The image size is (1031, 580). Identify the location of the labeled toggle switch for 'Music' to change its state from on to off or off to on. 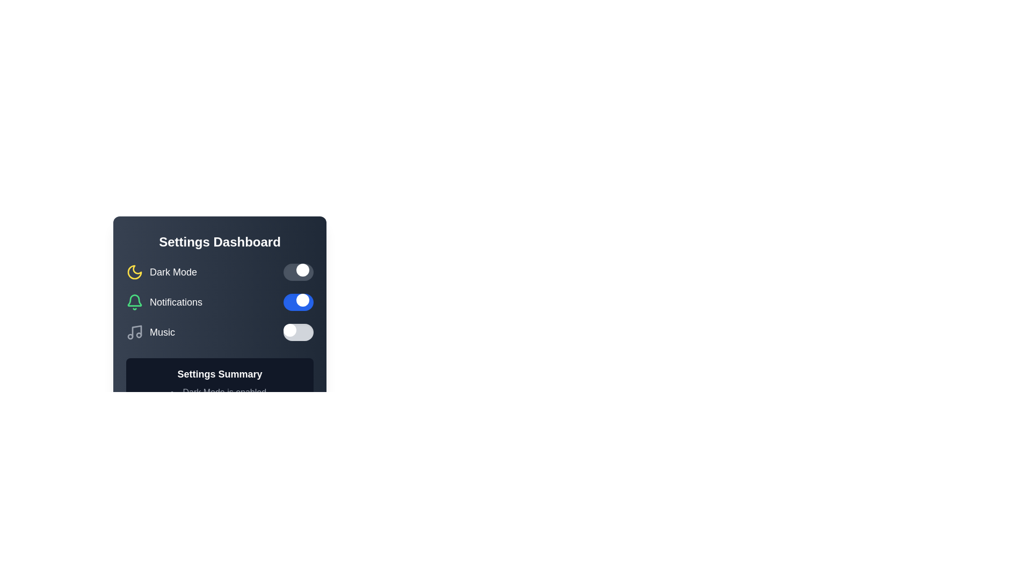
(219, 331).